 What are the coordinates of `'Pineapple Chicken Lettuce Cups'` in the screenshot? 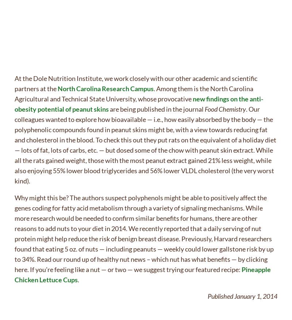 It's located at (142, 274).